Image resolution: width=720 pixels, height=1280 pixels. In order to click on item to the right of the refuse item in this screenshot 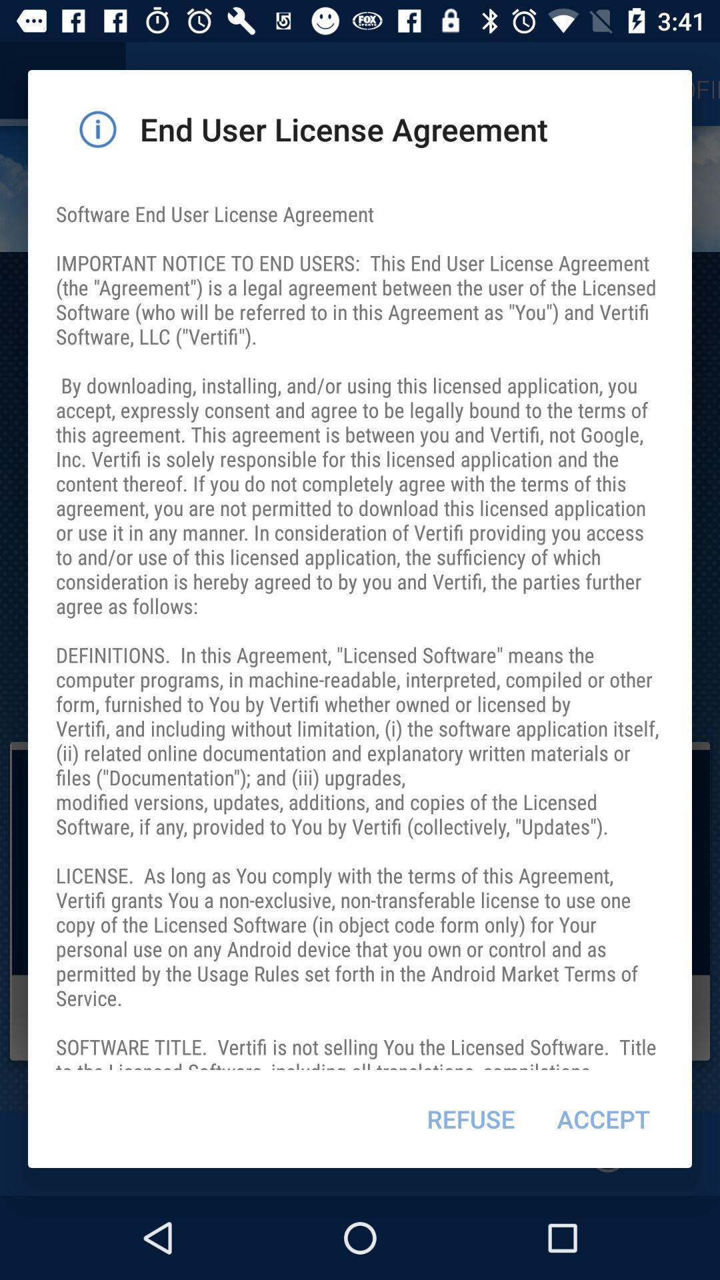, I will do `click(603, 1119)`.